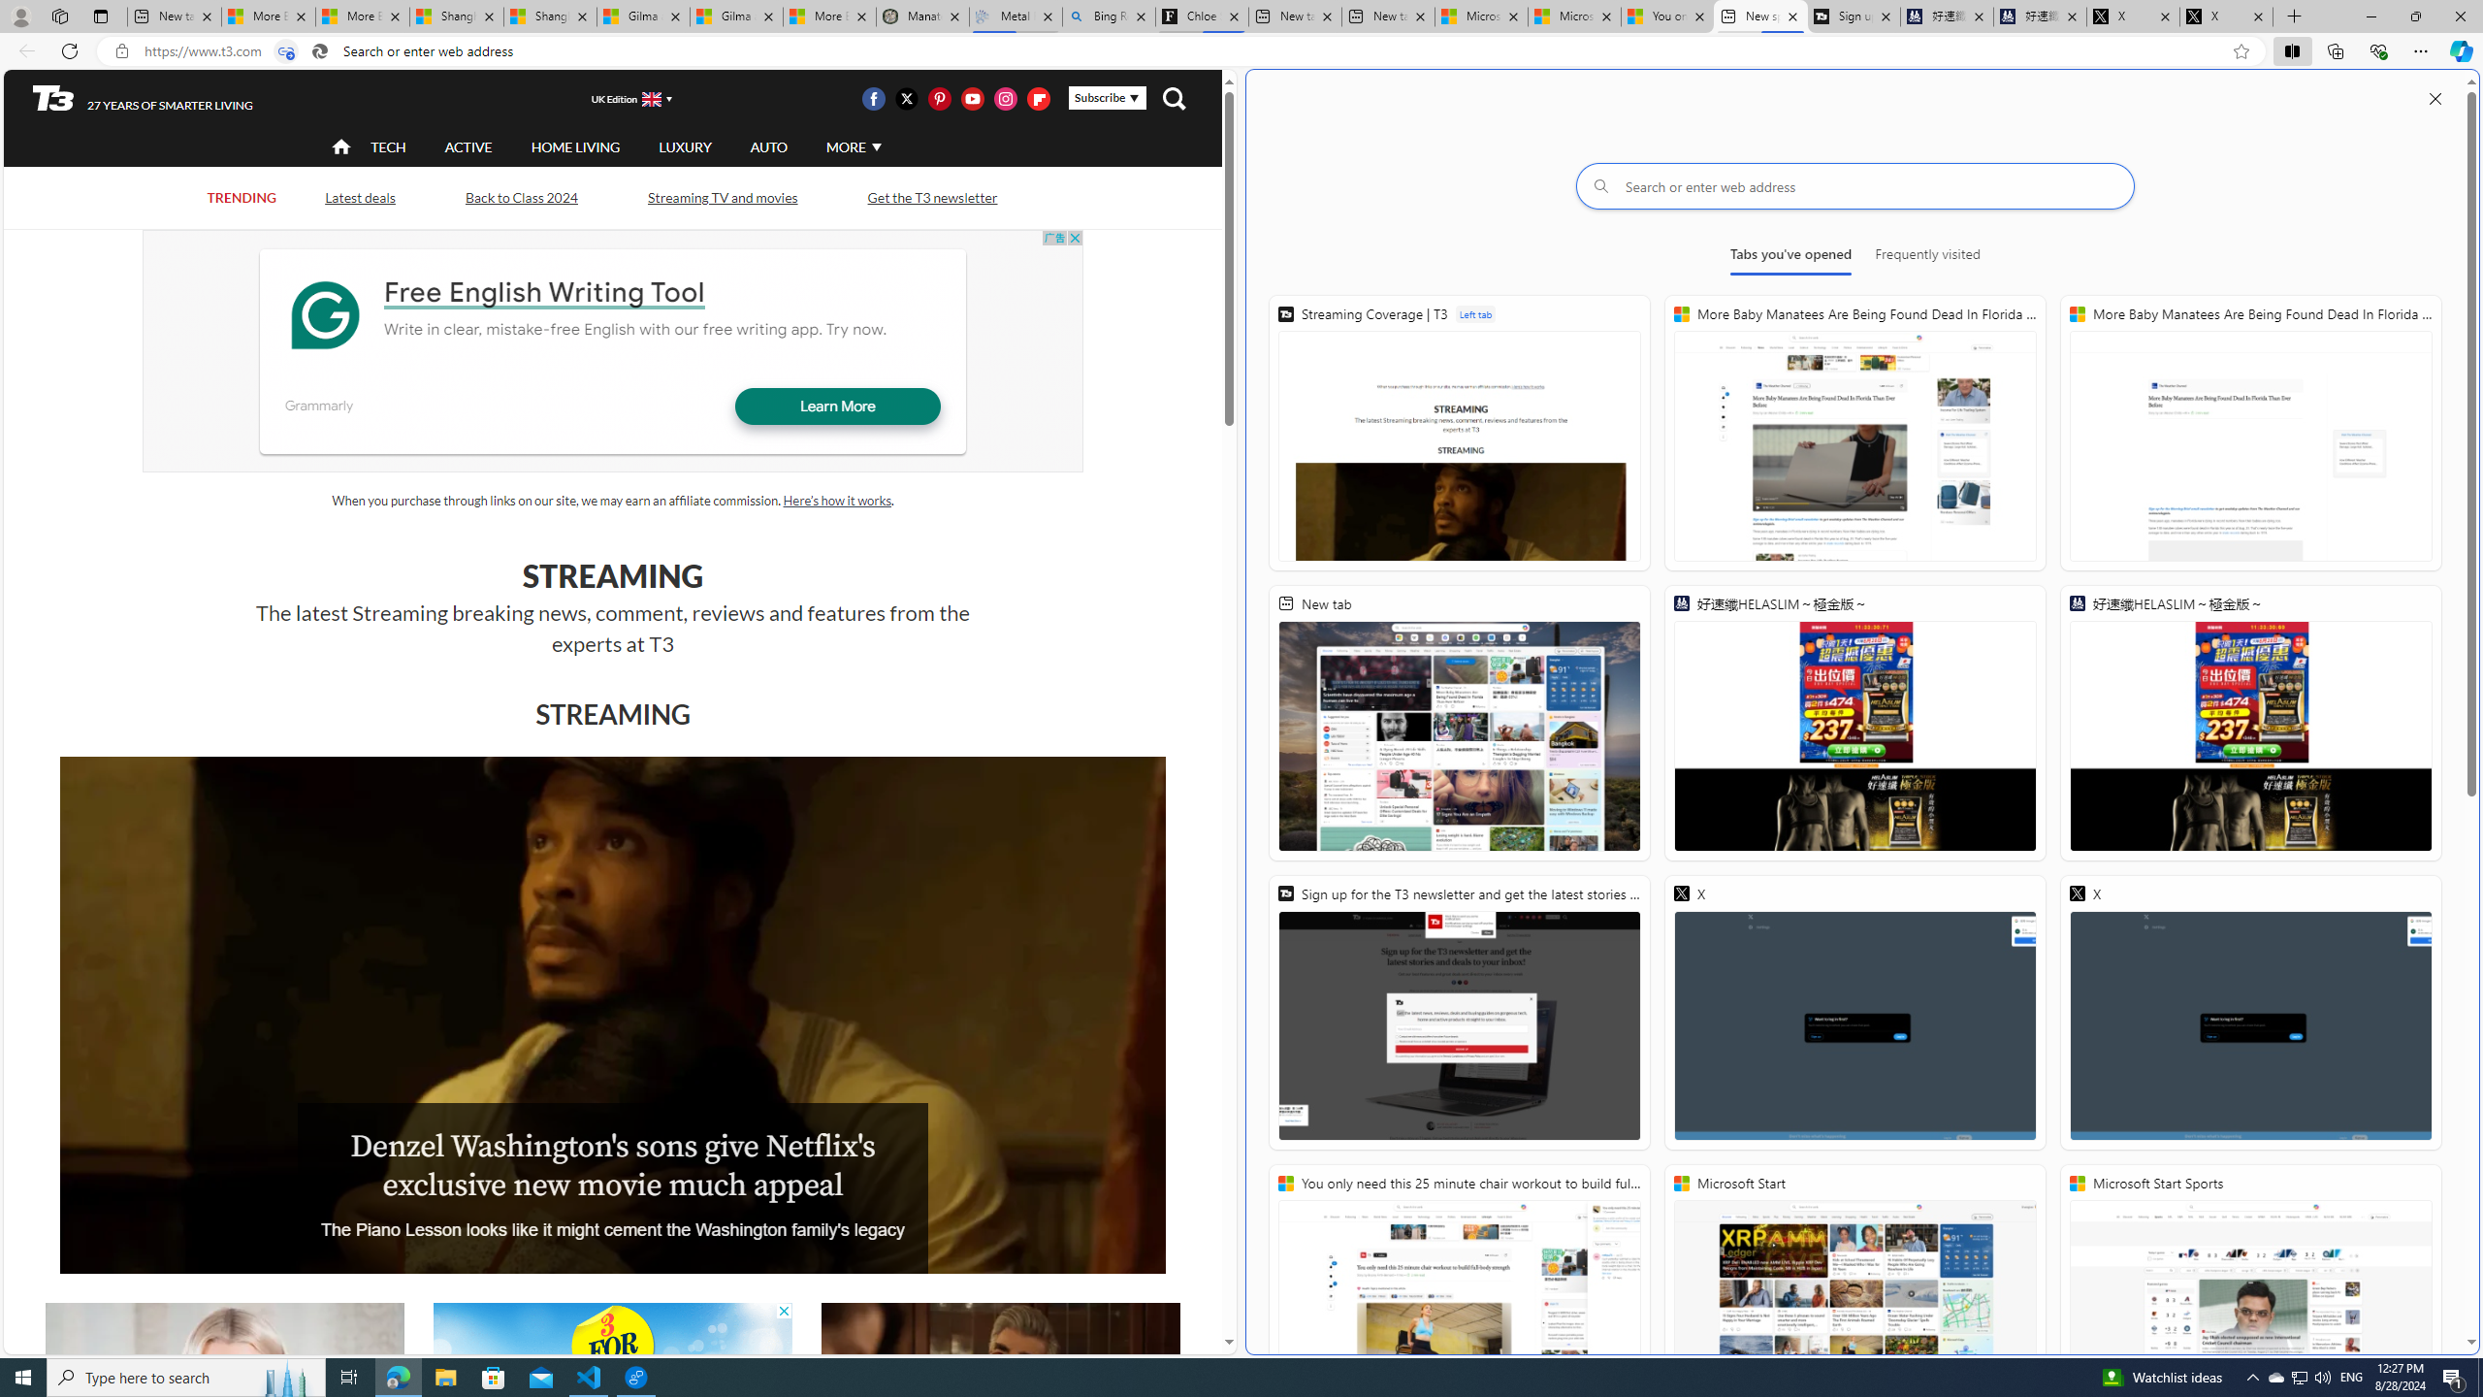 The height and width of the screenshot is (1397, 2483). I want to click on 'T3 27 YEARS OF SMARTER LIVING', so click(142, 99).